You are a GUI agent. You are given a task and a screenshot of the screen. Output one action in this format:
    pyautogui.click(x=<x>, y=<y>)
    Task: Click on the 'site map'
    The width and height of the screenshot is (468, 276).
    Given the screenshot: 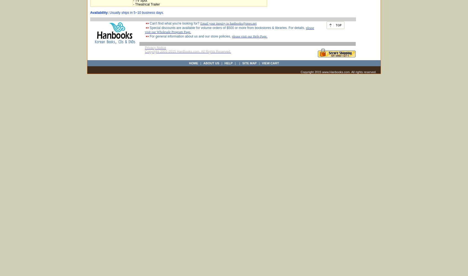 What is the action you would take?
    pyautogui.click(x=249, y=63)
    